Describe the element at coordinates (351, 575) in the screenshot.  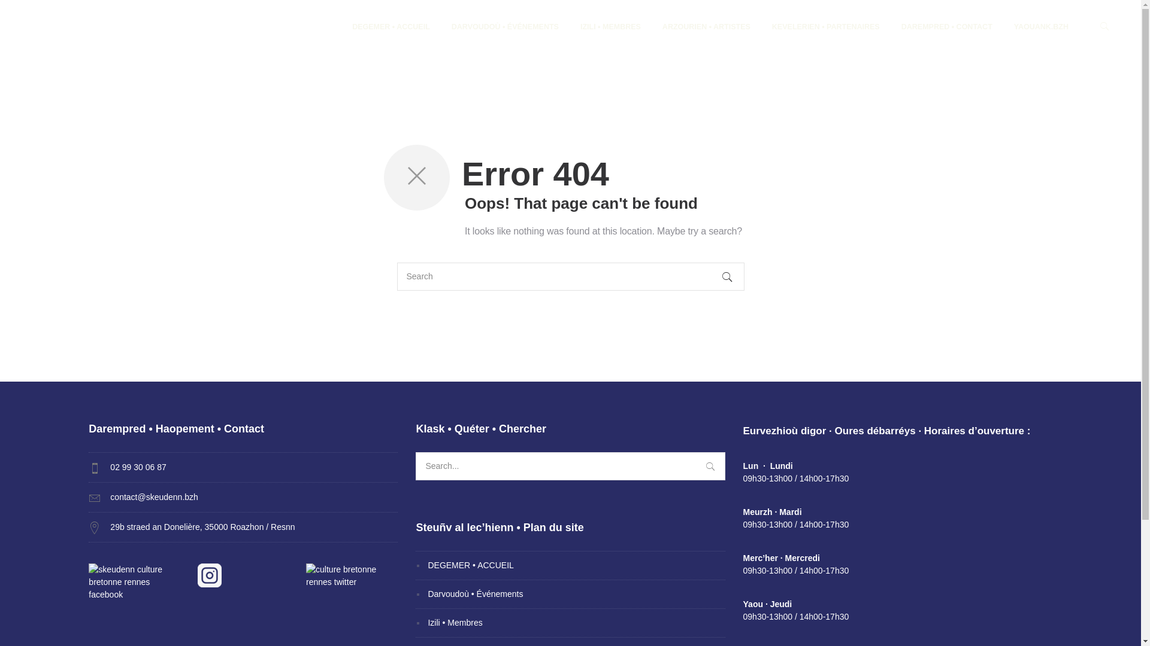
I see `'Twitter'` at that location.